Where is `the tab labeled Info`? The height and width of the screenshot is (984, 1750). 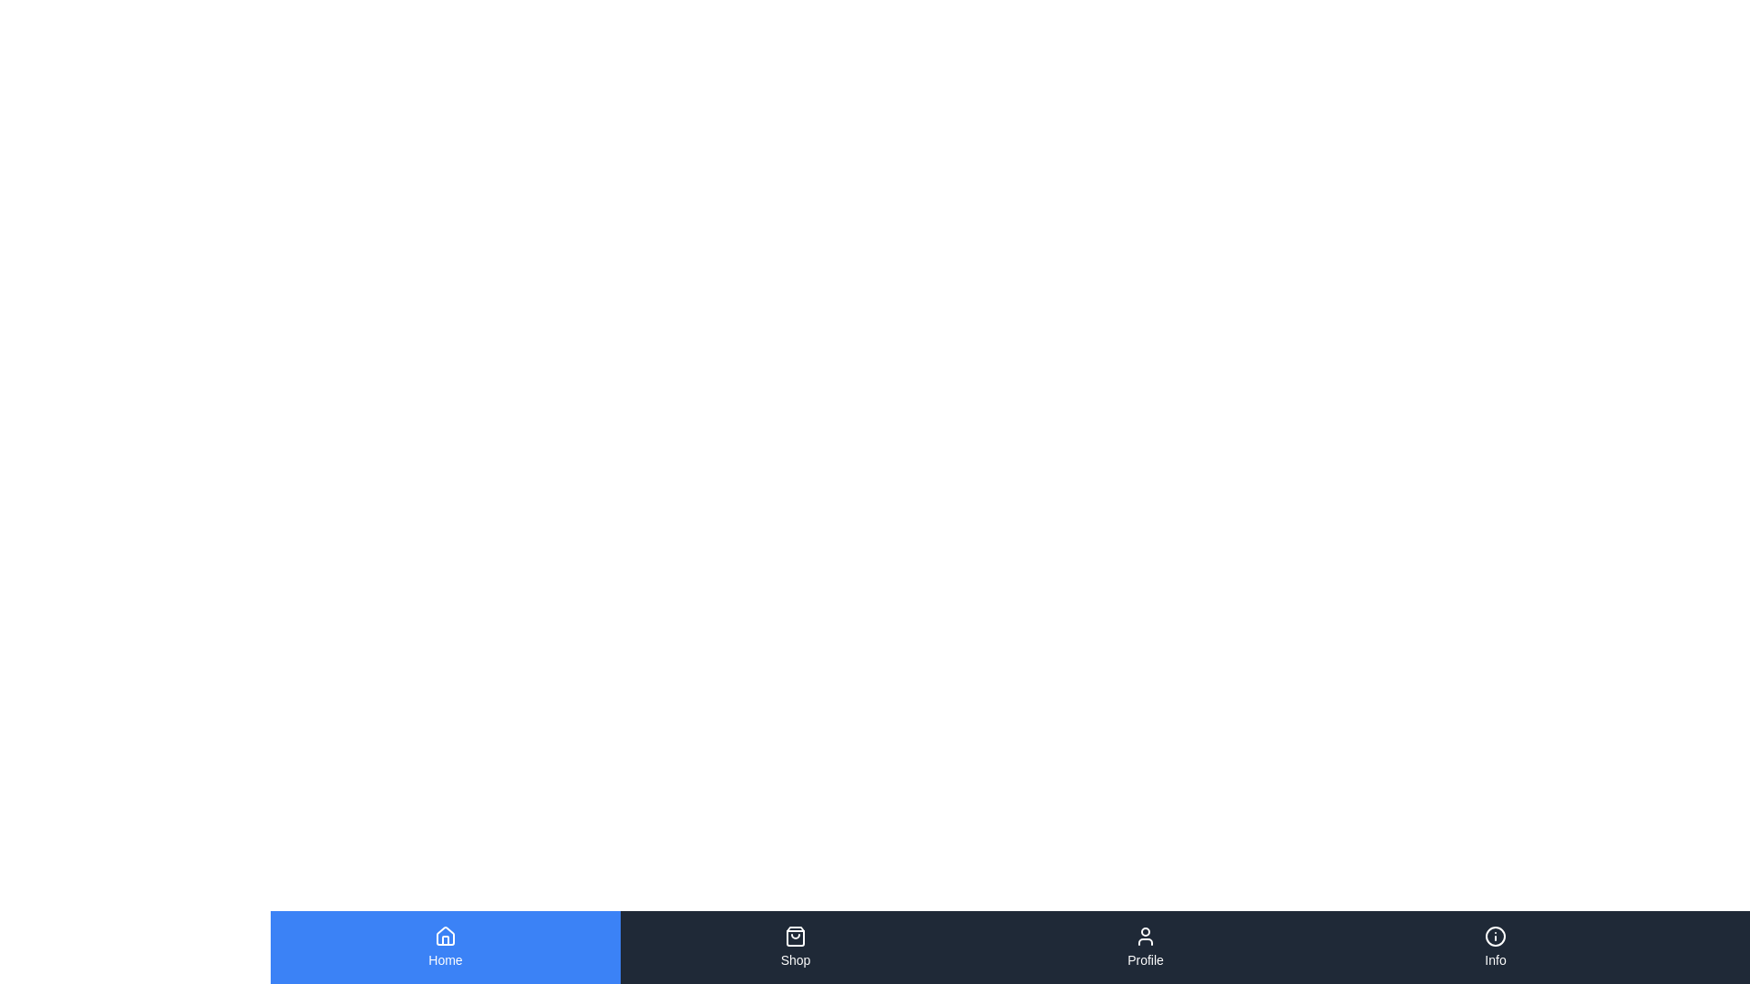 the tab labeled Info is located at coordinates (1496, 947).